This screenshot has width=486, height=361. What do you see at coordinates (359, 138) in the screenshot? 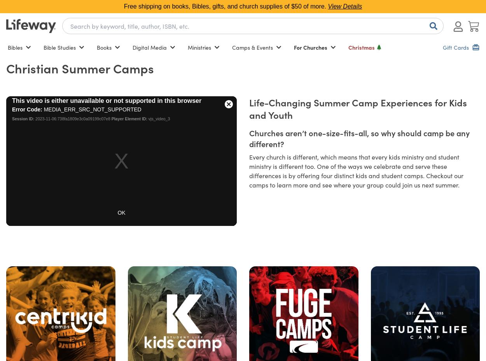
I see `'Churches aren’t one-size-fits-all, so why should camp be any different?'` at bounding box center [359, 138].